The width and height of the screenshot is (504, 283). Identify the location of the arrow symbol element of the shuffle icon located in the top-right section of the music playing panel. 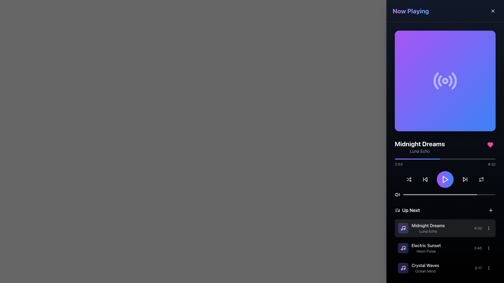
(409, 179).